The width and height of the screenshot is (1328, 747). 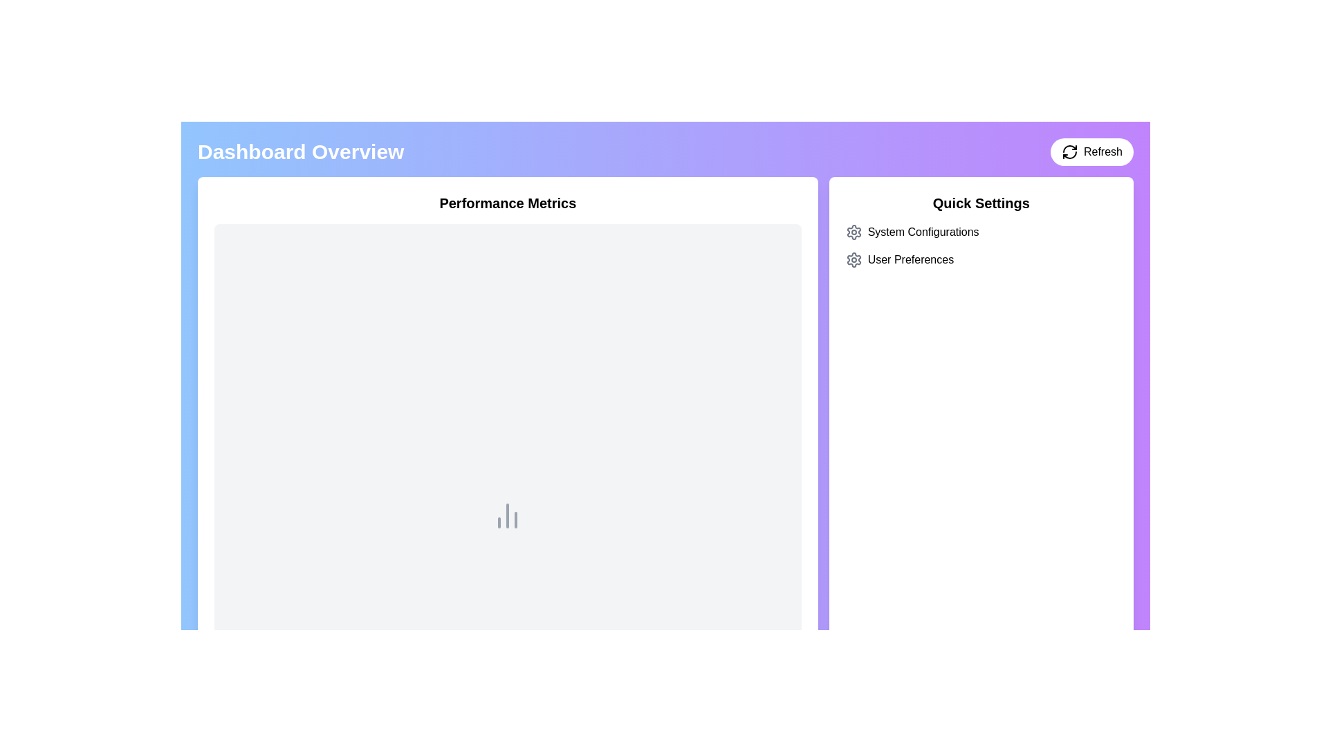 What do you see at coordinates (910, 259) in the screenshot?
I see `the 'User Preferences' label, which displays the text in a black sans-serif font against a white background, located under 'Quick Settings' and below 'System Configurations'` at bounding box center [910, 259].